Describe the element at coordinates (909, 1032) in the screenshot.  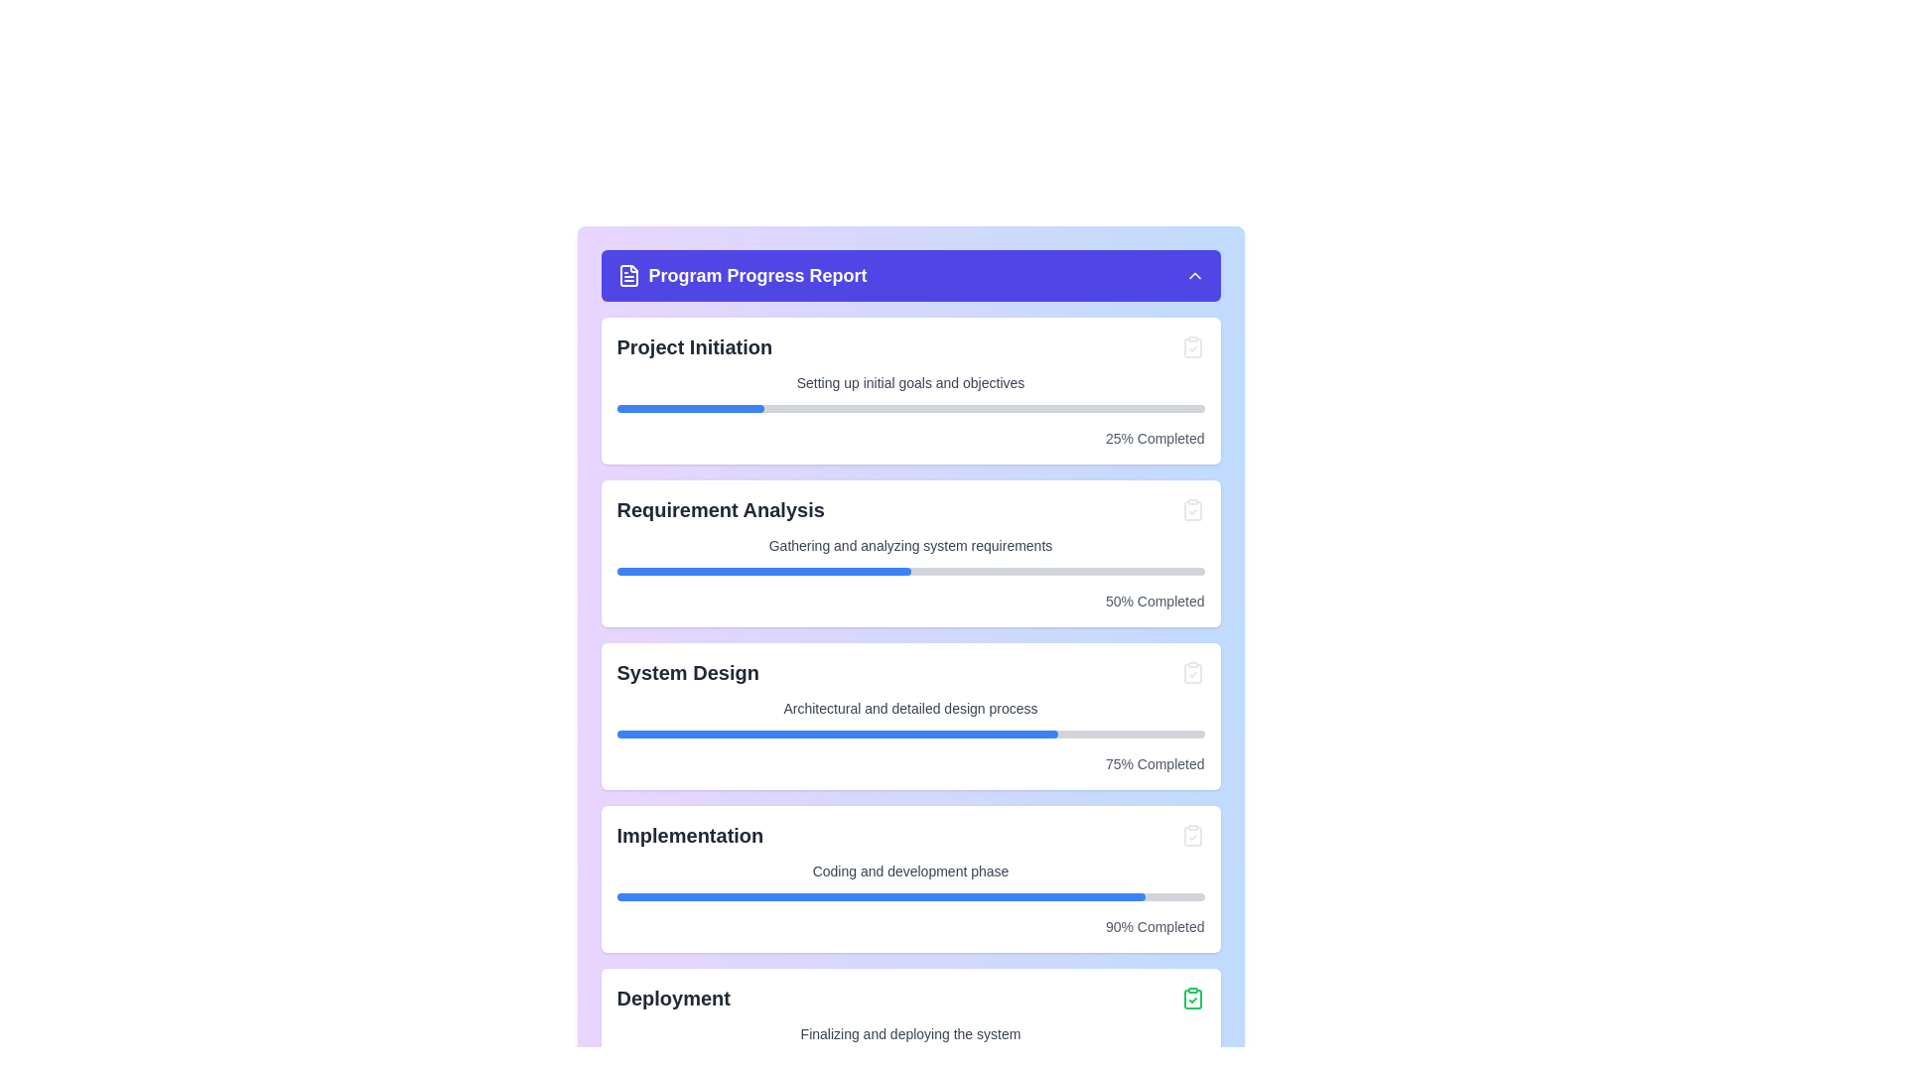
I see `the static text label that displays 'Finalizing and deploying the system' located in the deployment progress section, which is beneath the 'Deployment' section title` at that location.